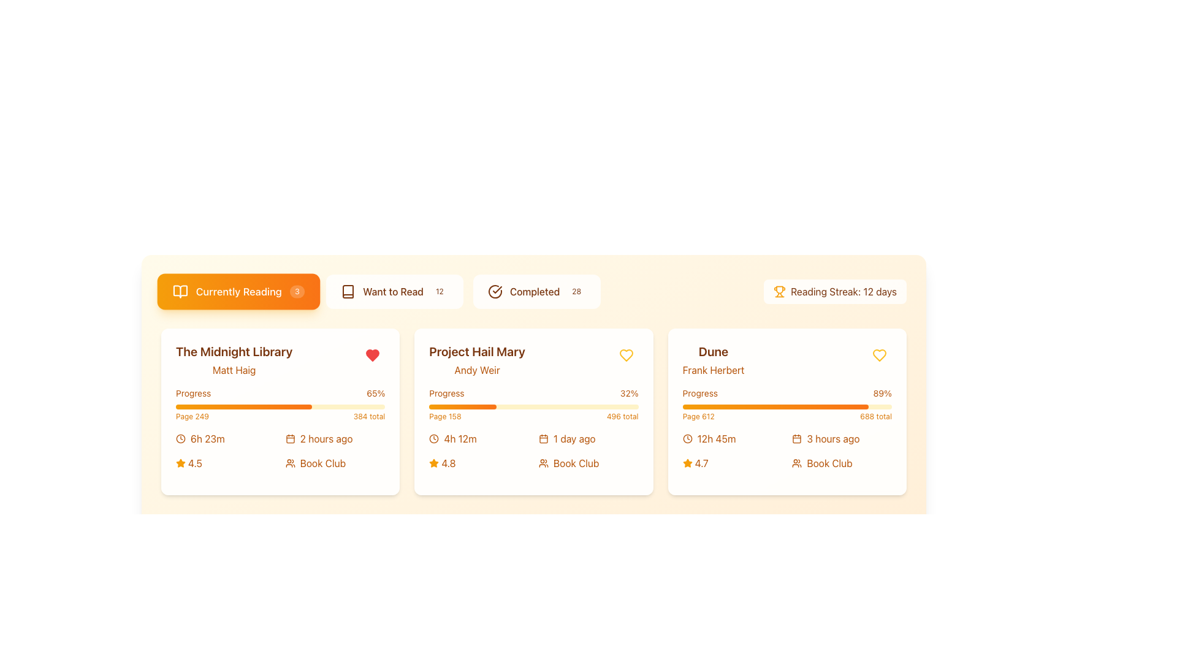  Describe the element at coordinates (841, 438) in the screenshot. I see `the text element reading '3 hours ago' styled in amber color, which is accompanied by a small calendar icon, located within the details of the third card for the book 'Dune' by Frank Herbert` at that location.